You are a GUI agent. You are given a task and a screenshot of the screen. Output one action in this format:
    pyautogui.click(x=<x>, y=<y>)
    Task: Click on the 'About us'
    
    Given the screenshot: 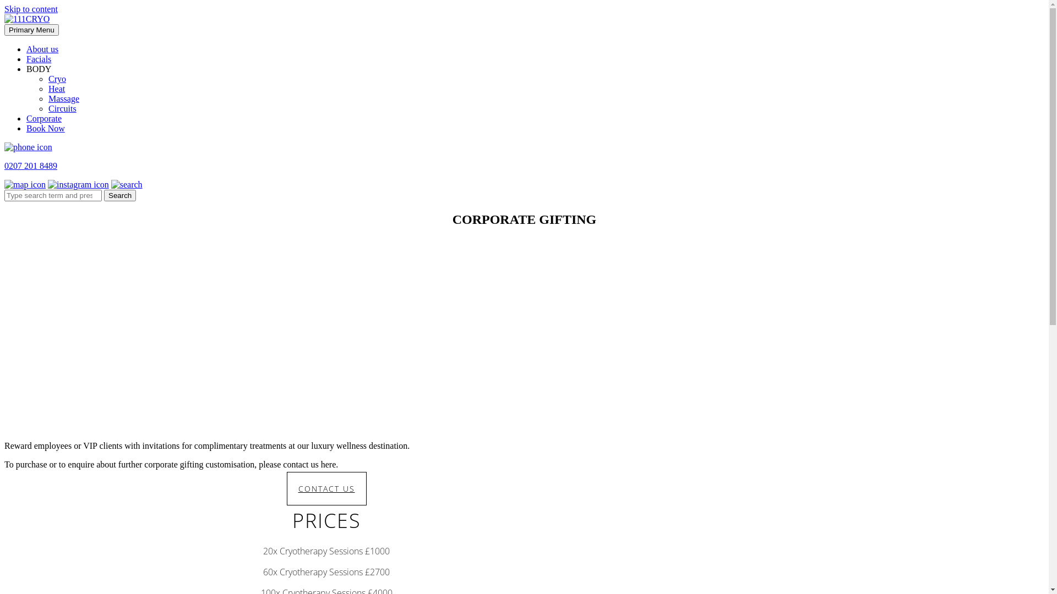 What is the action you would take?
    pyautogui.click(x=42, y=48)
    